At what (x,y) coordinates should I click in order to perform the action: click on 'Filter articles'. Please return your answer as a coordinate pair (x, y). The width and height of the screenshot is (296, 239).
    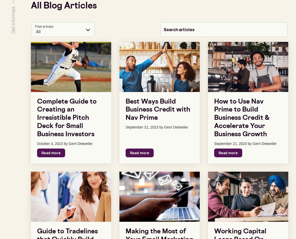
    Looking at the image, I should click on (44, 26).